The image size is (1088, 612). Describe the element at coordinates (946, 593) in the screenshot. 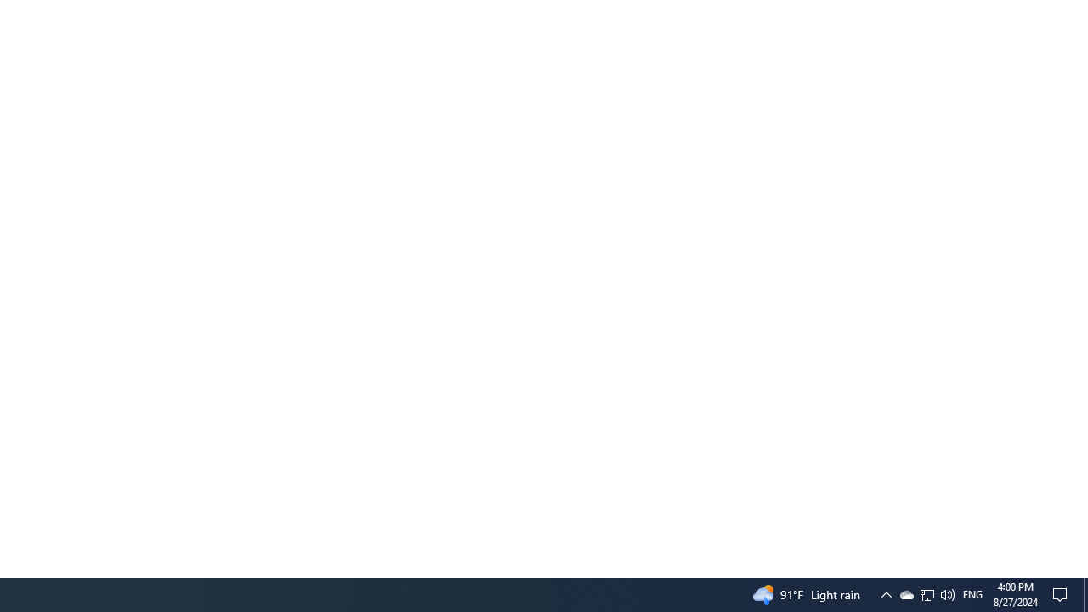

I see `'User Promoted Notification Area'` at that location.